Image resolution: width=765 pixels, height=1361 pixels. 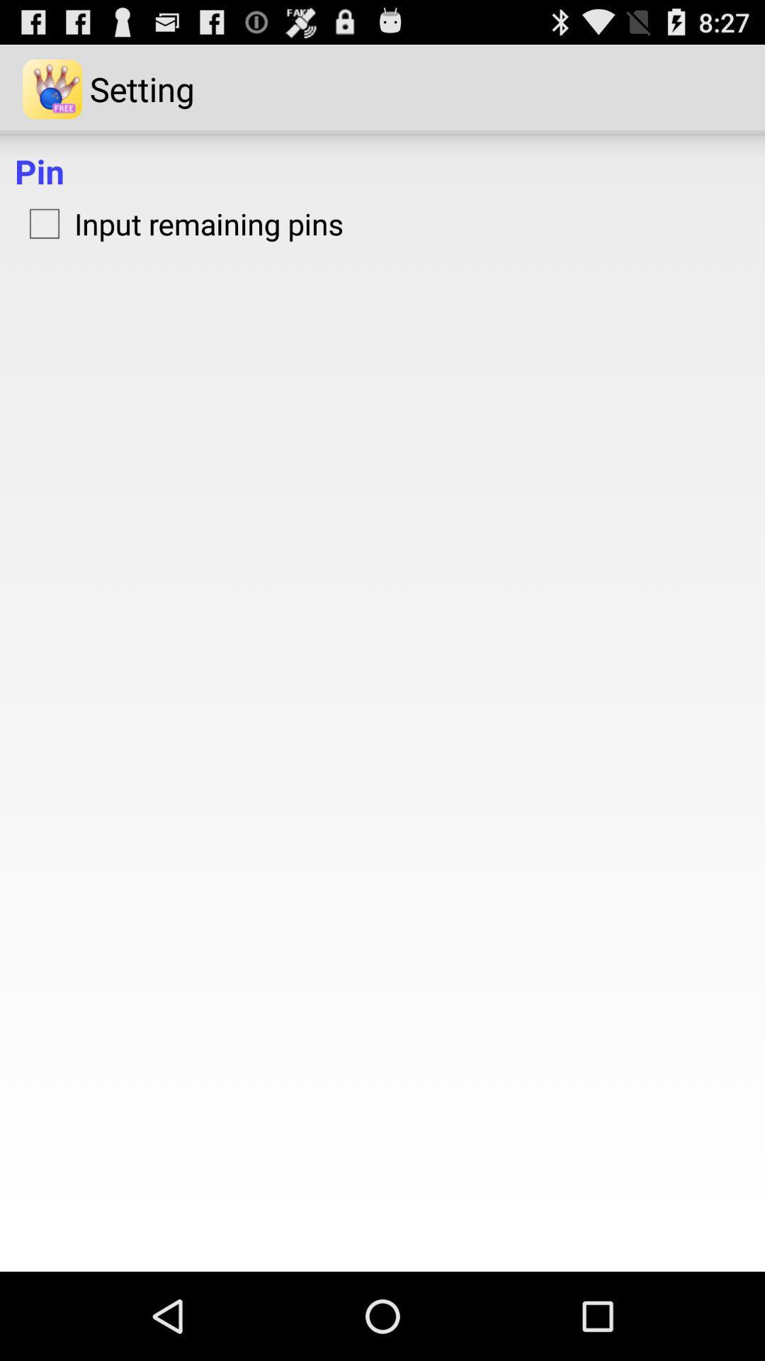 I want to click on input remaining pins icon, so click(x=178, y=223).